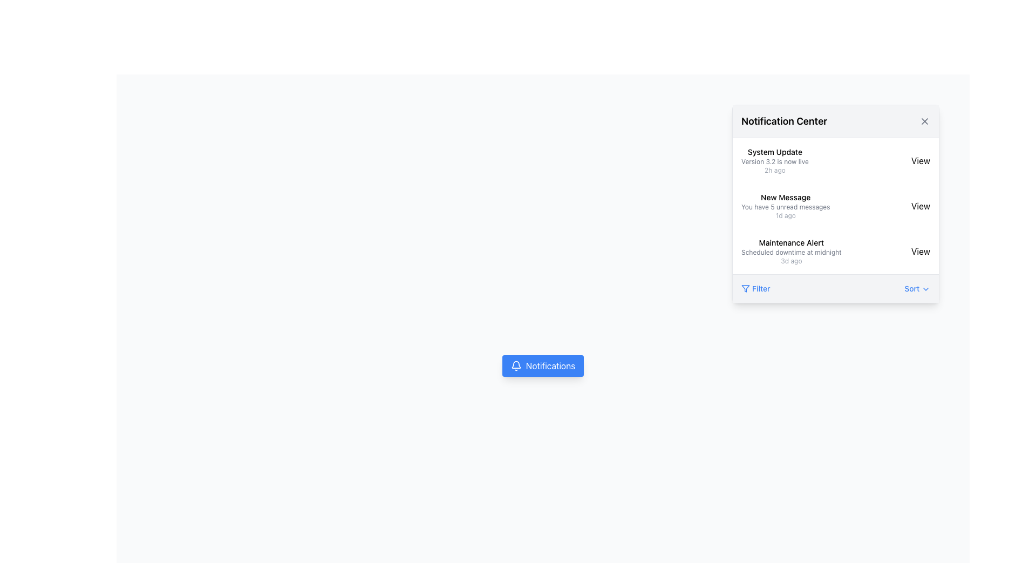  What do you see at coordinates (786, 206) in the screenshot?
I see `the text block containing 'New Message', 'You have 5 unread messages', and '1d ago' to perform accessibility inspections` at bounding box center [786, 206].